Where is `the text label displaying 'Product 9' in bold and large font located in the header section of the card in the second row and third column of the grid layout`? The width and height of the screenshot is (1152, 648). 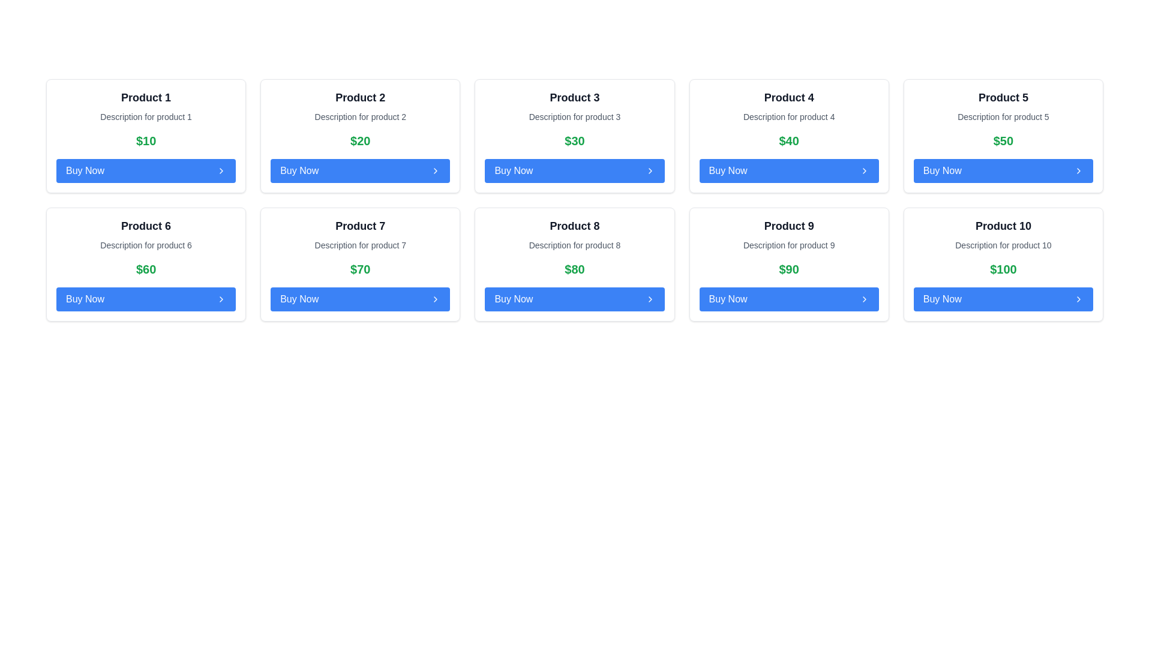
the text label displaying 'Product 9' in bold and large font located in the header section of the card in the second row and third column of the grid layout is located at coordinates (789, 226).